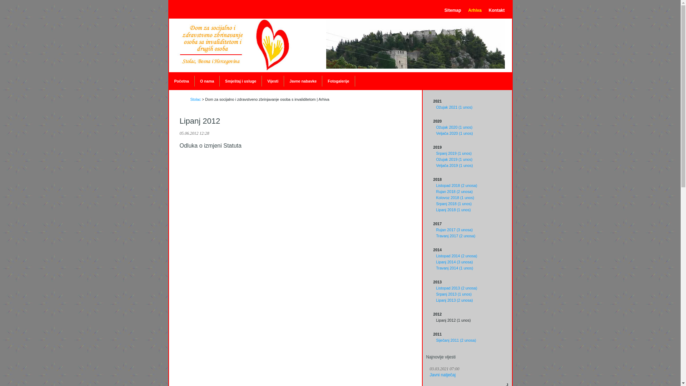 The width and height of the screenshot is (686, 386). I want to click on 'Travanj 2017 (2 unosa)', so click(455, 236).